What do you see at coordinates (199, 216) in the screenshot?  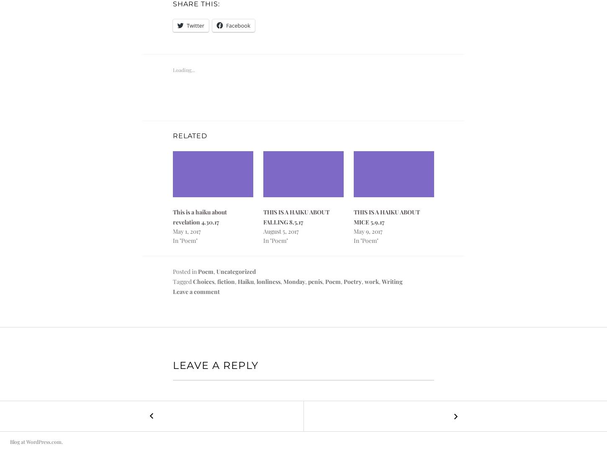 I see `'This is a haiku about revelation 4.30.17'` at bounding box center [199, 216].